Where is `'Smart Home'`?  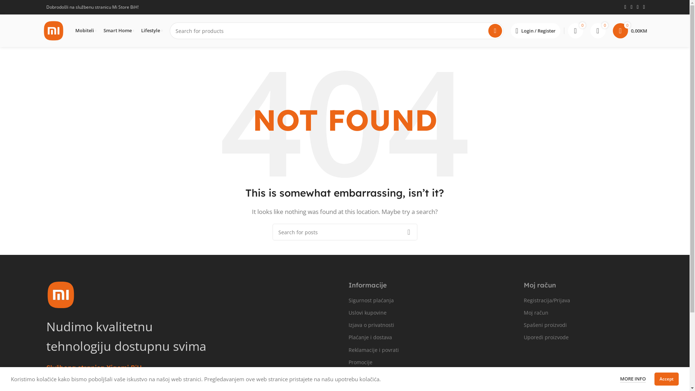
'Smart Home' is located at coordinates (103, 30).